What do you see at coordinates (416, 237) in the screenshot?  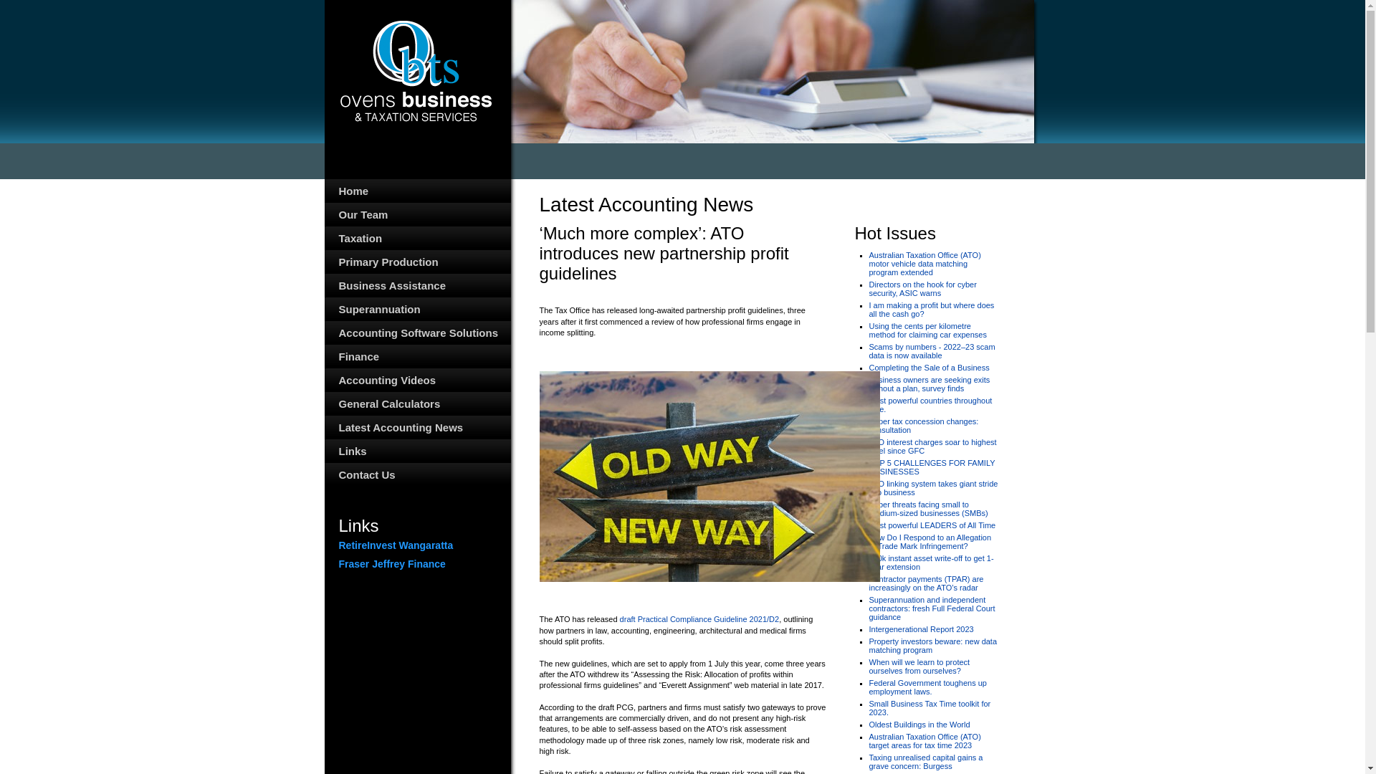 I see `'Taxation'` at bounding box center [416, 237].